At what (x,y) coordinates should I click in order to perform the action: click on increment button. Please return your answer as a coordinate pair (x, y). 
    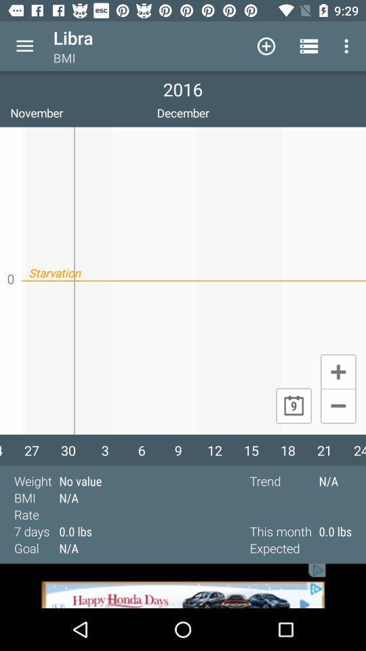
    Looking at the image, I should click on (338, 371).